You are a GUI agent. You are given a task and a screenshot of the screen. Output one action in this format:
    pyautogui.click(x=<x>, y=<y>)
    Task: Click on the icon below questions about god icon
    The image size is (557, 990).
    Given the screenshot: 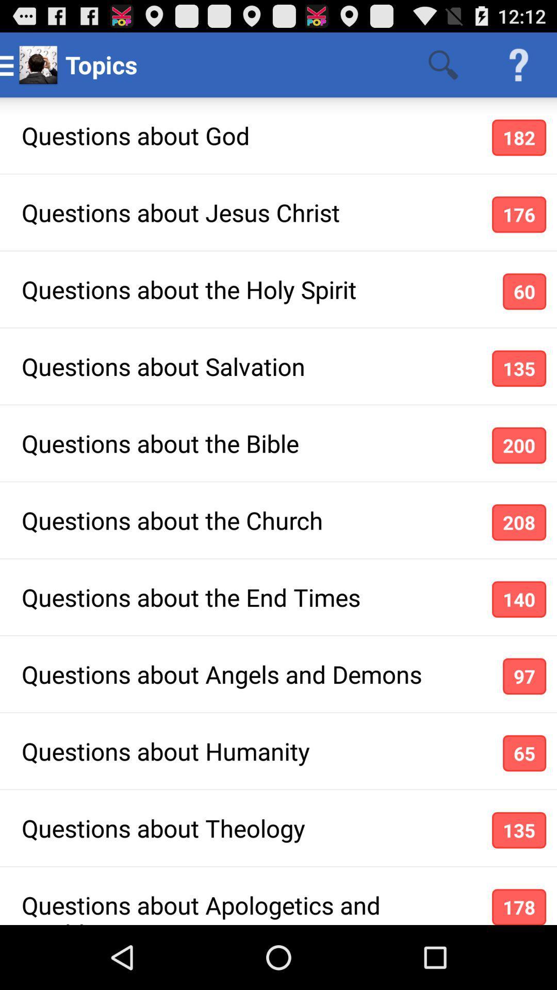 What is the action you would take?
    pyautogui.click(x=519, y=214)
    